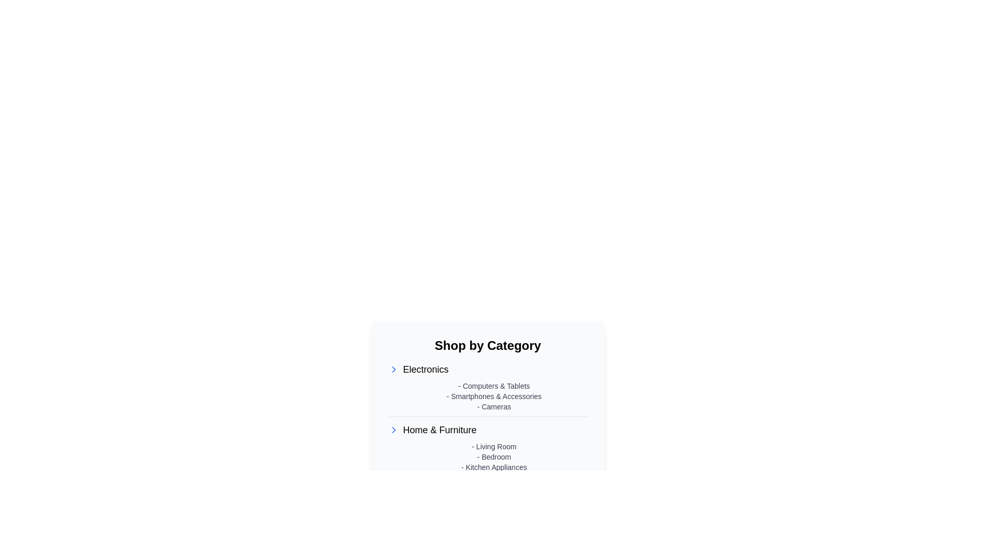  Describe the element at coordinates (493, 457) in the screenshot. I see `the text label displaying '- Bedroom', which is the second item in the list under 'Home & Furniture'` at that location.